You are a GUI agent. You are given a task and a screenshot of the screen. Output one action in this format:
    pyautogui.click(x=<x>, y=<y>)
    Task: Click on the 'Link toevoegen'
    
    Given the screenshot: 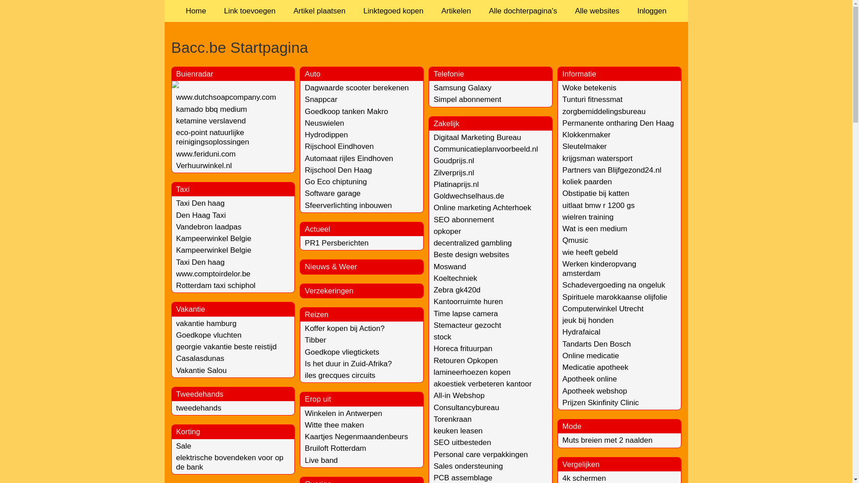 What is the action you would take?
    pyautogui.click(x=250, y=11)
    